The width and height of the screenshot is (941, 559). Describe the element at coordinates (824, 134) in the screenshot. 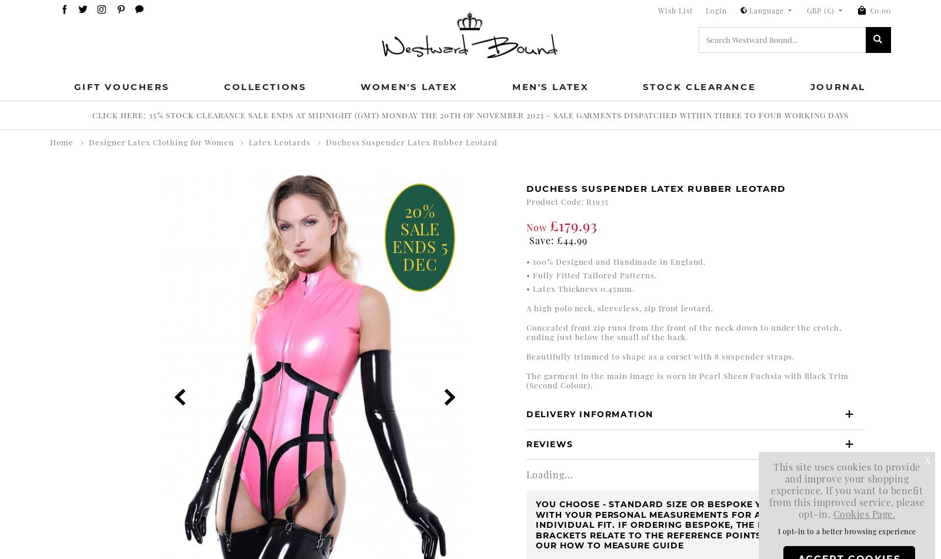

I see `'USD ($)'` at that location.